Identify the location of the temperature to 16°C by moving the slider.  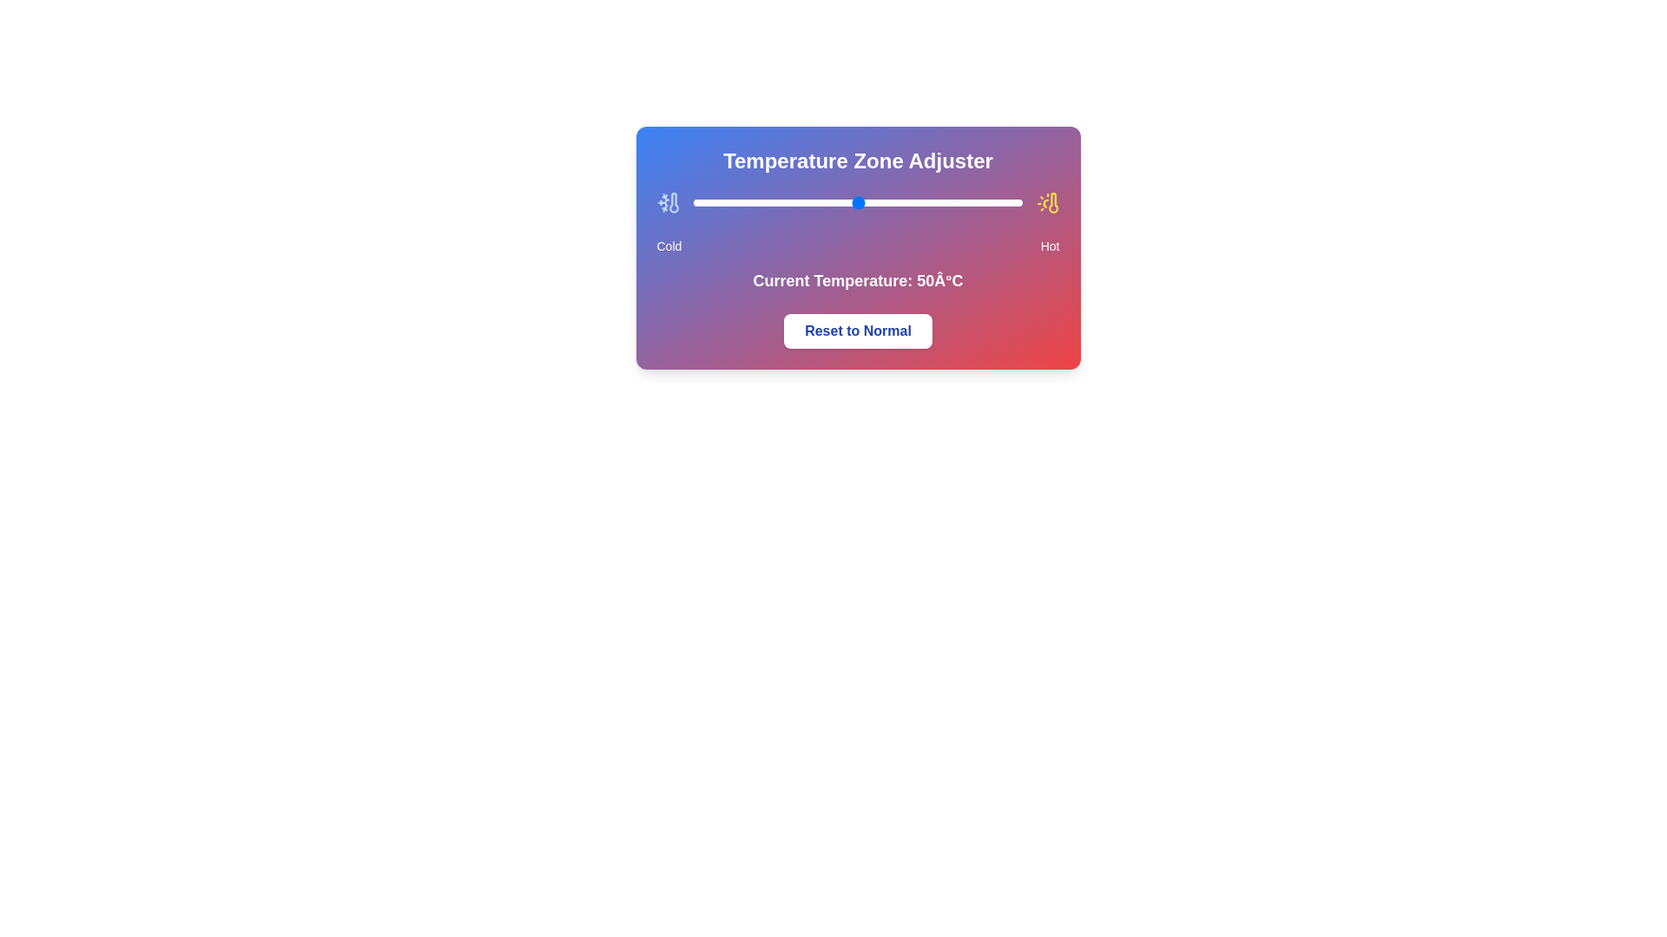
(746, 202).